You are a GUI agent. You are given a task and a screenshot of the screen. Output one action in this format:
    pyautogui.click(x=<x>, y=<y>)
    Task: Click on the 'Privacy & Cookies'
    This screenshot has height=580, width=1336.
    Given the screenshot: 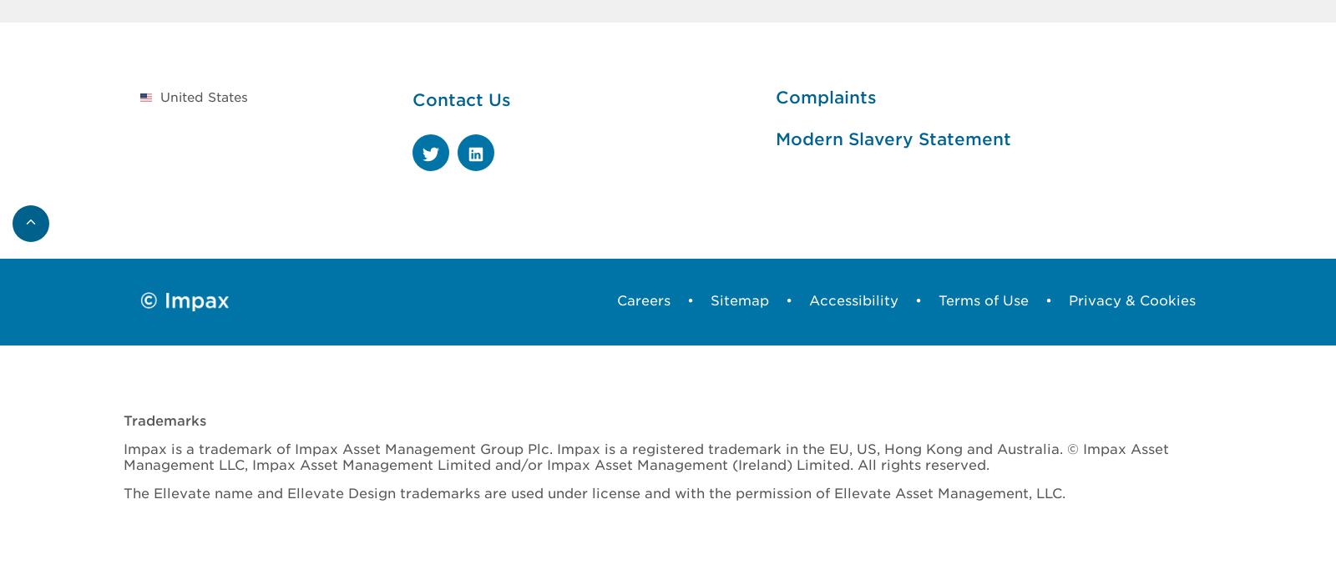 What is the action you would take?
    pyautogui.click(x=1131, y=298)
    